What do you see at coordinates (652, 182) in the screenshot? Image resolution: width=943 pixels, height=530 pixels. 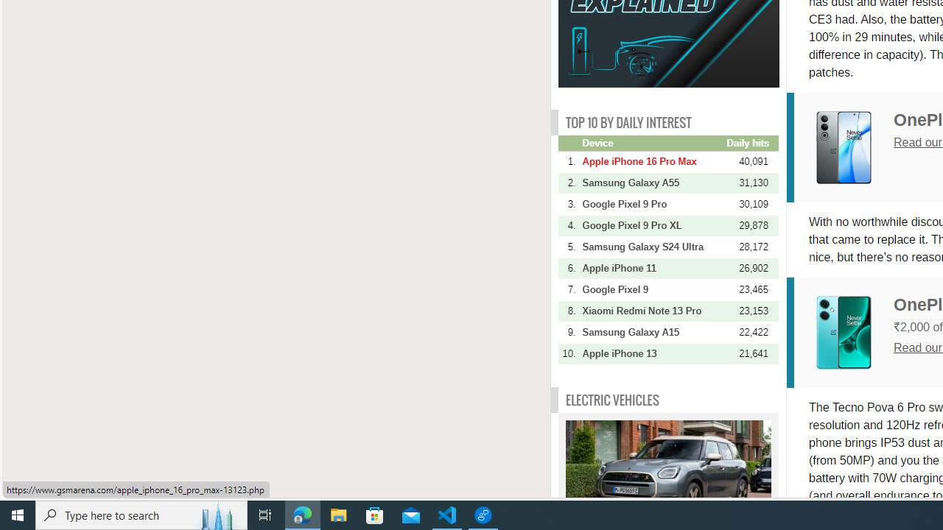 I see `'Samsung Galaxy A55'` at bounding box center [652, 182].